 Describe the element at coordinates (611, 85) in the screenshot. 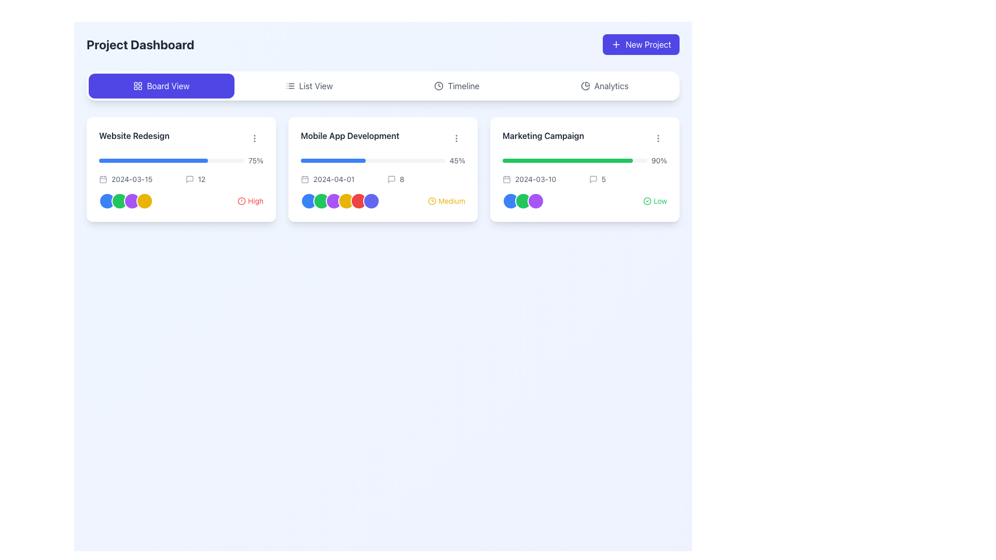

I see `the 'Analytics' text label in the top navigation bar` at that location.